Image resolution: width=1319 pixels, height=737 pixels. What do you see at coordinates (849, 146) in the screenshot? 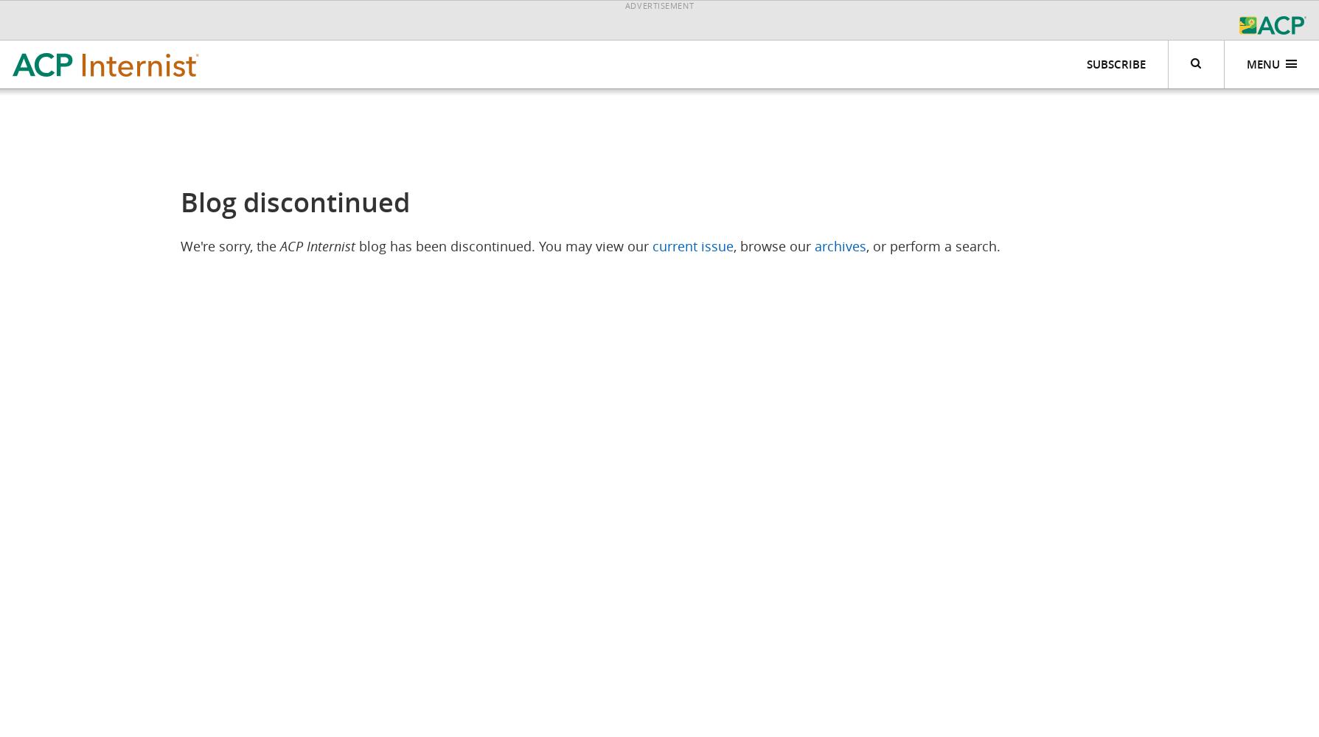
I see `'ACP Internist Weekly'` at bounding box center [849, 146].